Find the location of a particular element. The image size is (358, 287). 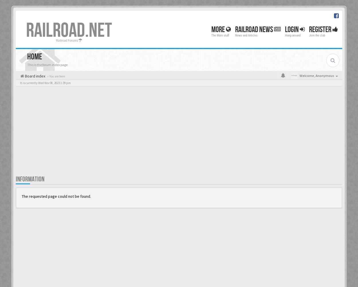

'This is the forum index page' is located at coordinates (27, 64).